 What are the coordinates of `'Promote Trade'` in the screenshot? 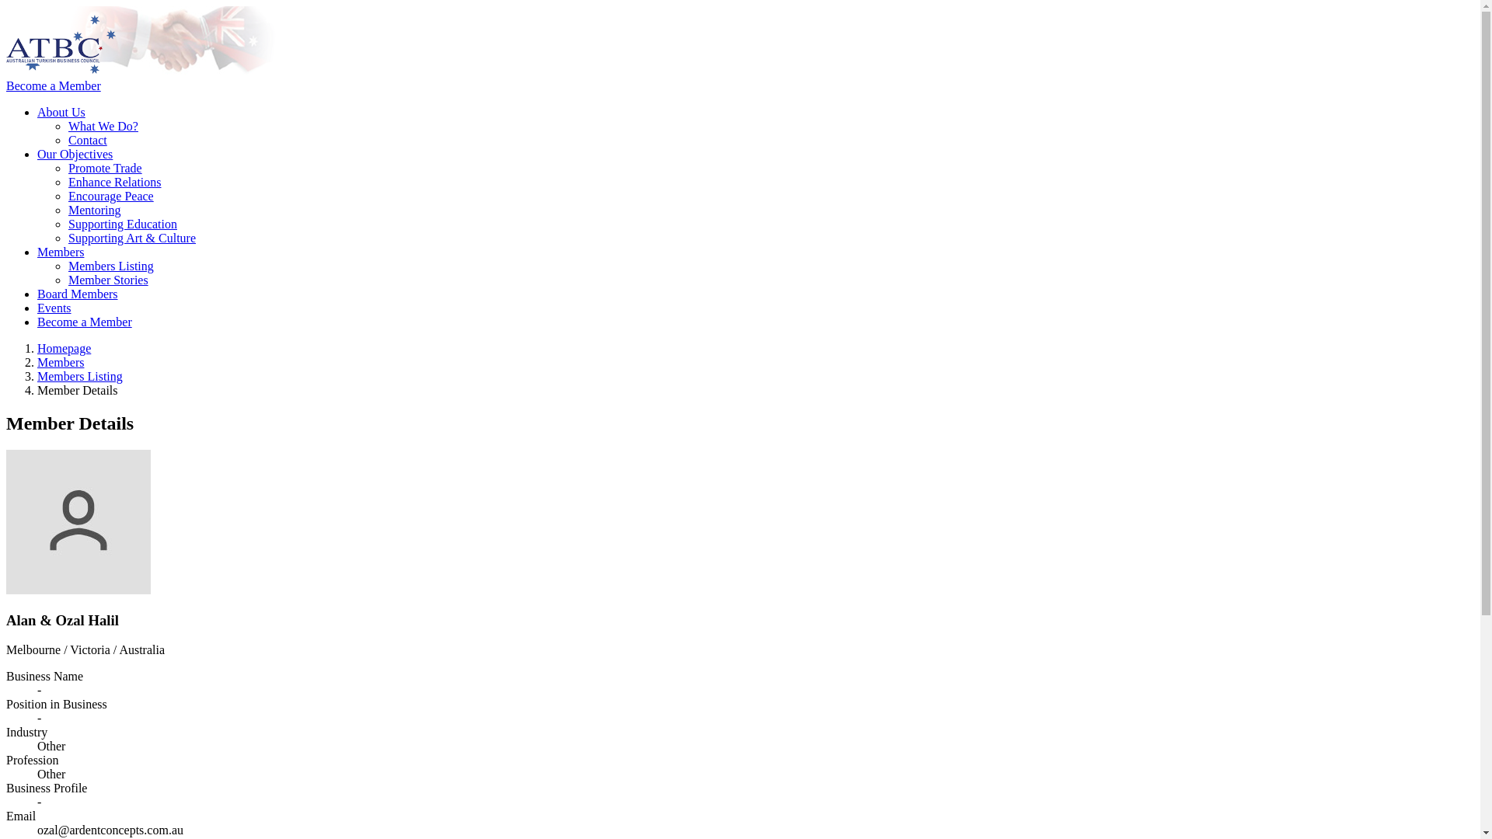 It's located at (104, 168).